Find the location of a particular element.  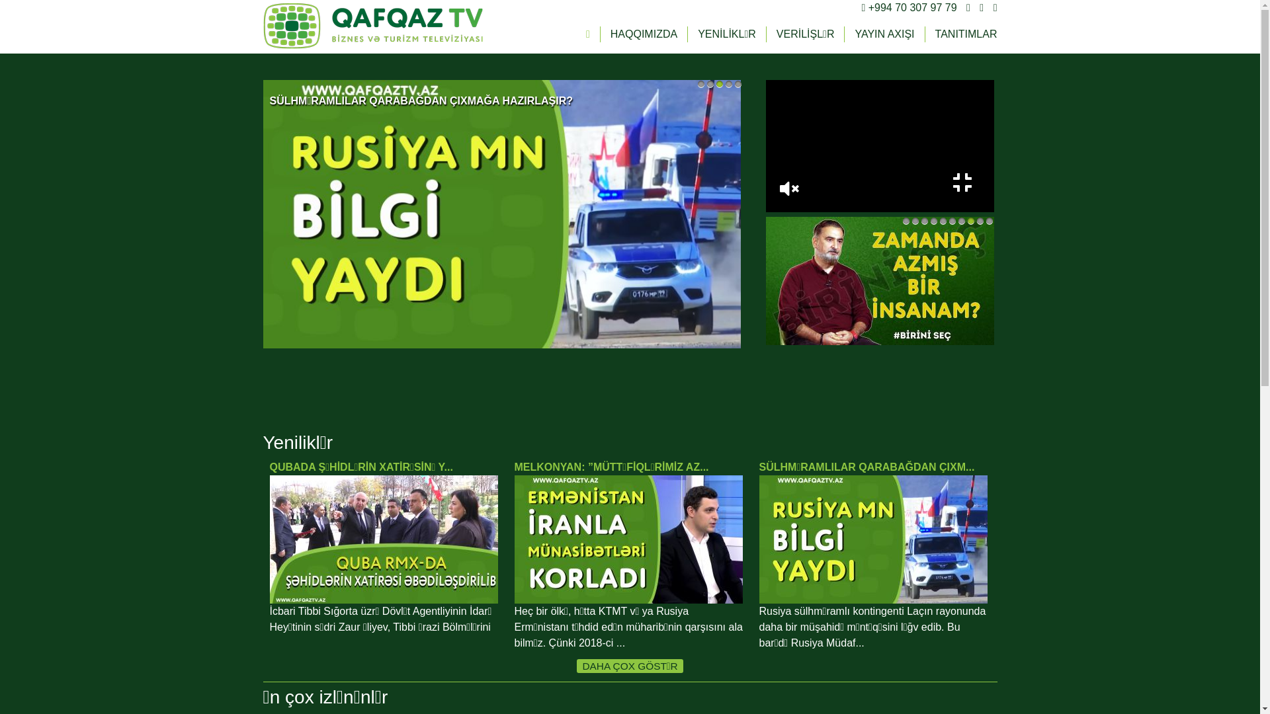

'3' is located at coordinates (719, 84).